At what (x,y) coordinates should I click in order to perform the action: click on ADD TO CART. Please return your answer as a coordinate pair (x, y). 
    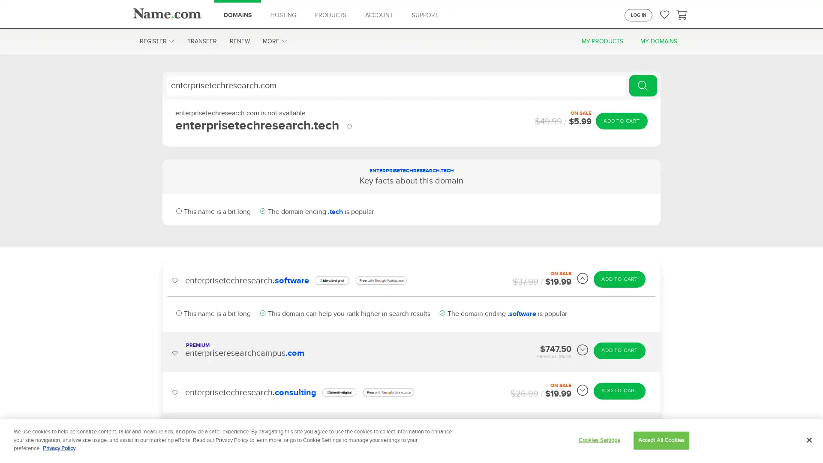
    Looking at the image, I should click on (621, 120).